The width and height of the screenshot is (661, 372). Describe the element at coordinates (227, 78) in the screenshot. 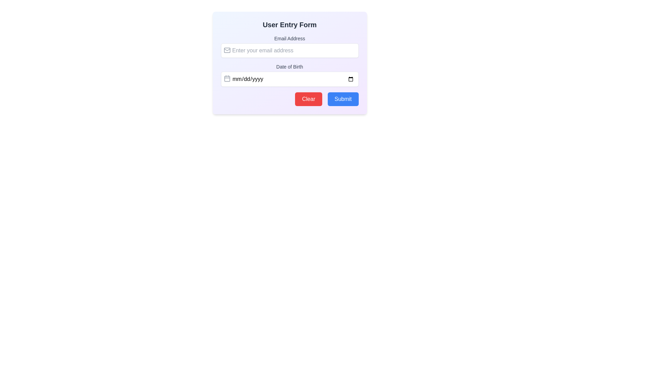

I see `the visual appearance of the calendar icon component located to the left of the 'Date of Birth' text input field` at that location.